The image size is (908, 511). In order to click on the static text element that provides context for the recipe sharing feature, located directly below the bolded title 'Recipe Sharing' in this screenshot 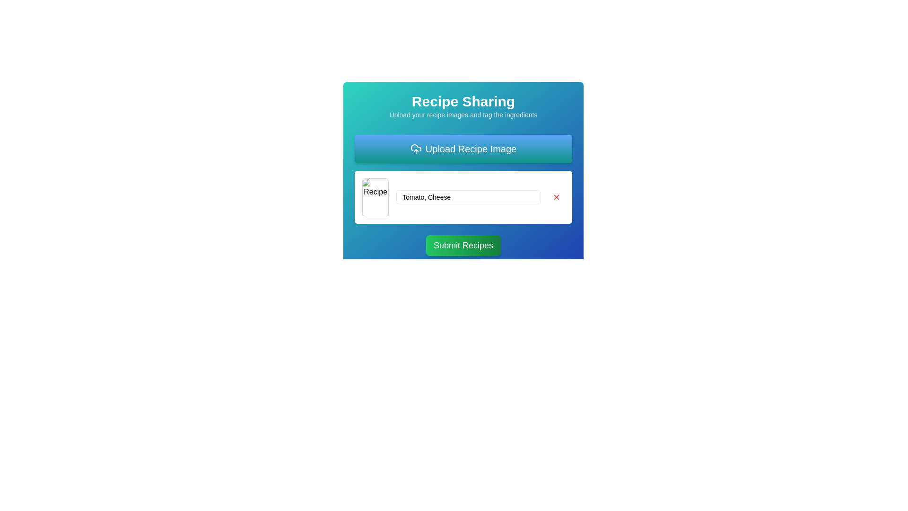, I will do `click(463, 115)`.